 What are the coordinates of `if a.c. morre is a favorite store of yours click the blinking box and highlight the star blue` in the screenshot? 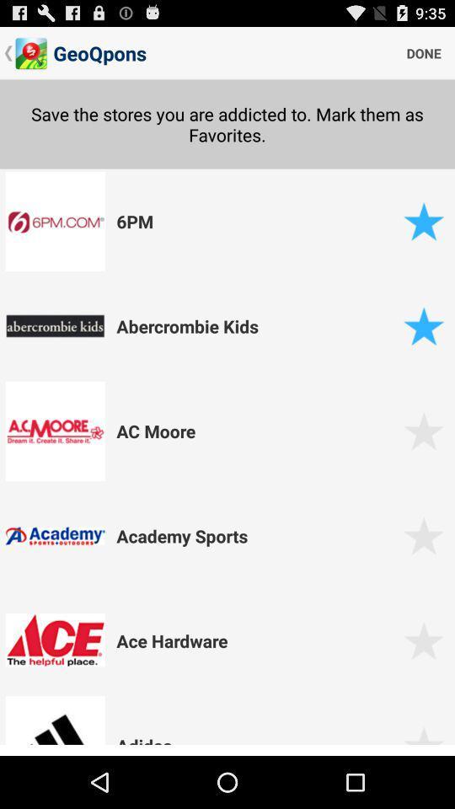 It's located at (423, 430).